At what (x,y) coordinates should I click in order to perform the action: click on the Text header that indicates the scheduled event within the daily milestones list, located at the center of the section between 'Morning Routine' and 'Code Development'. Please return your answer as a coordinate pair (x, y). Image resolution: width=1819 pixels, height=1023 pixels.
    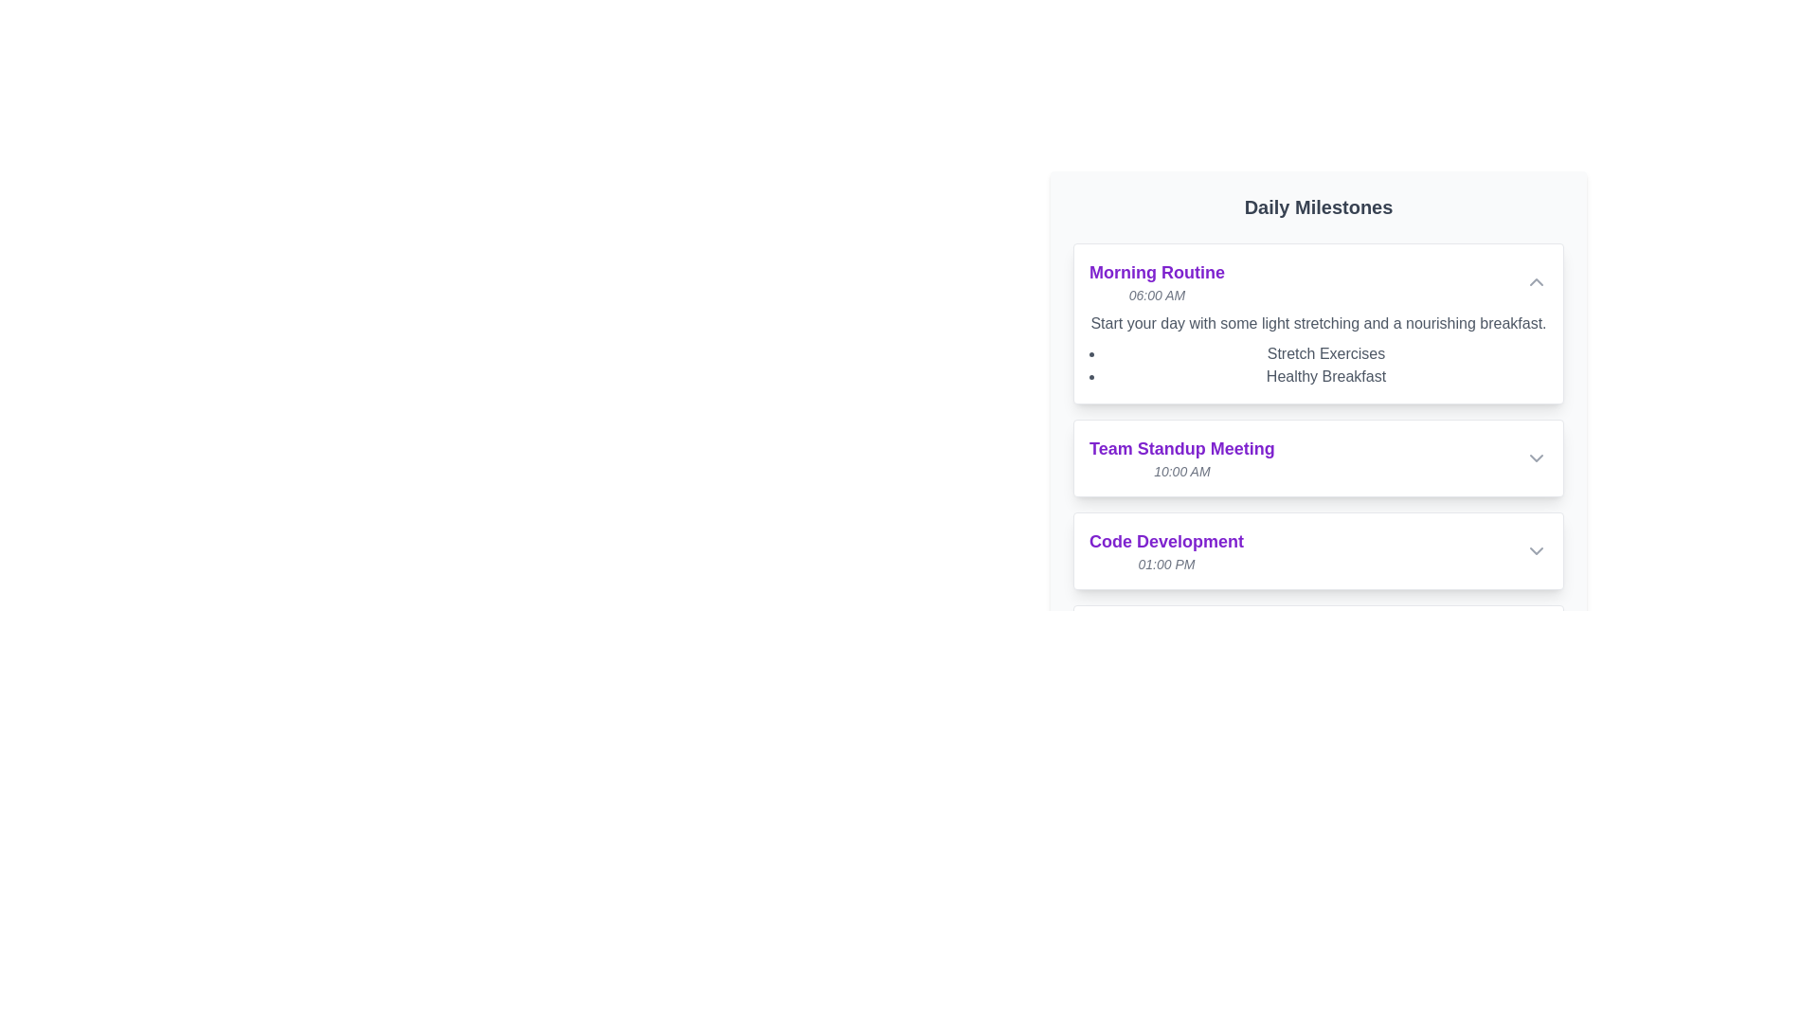
    Looking at the image, I should click on (1180, 449).